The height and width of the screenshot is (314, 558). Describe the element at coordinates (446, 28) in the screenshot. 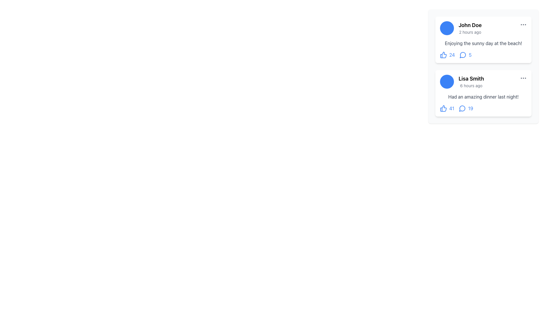

I see `the Avatar or Profile Picture representing the user 'John Doe' located on the left side of the post's metadata` at that location.